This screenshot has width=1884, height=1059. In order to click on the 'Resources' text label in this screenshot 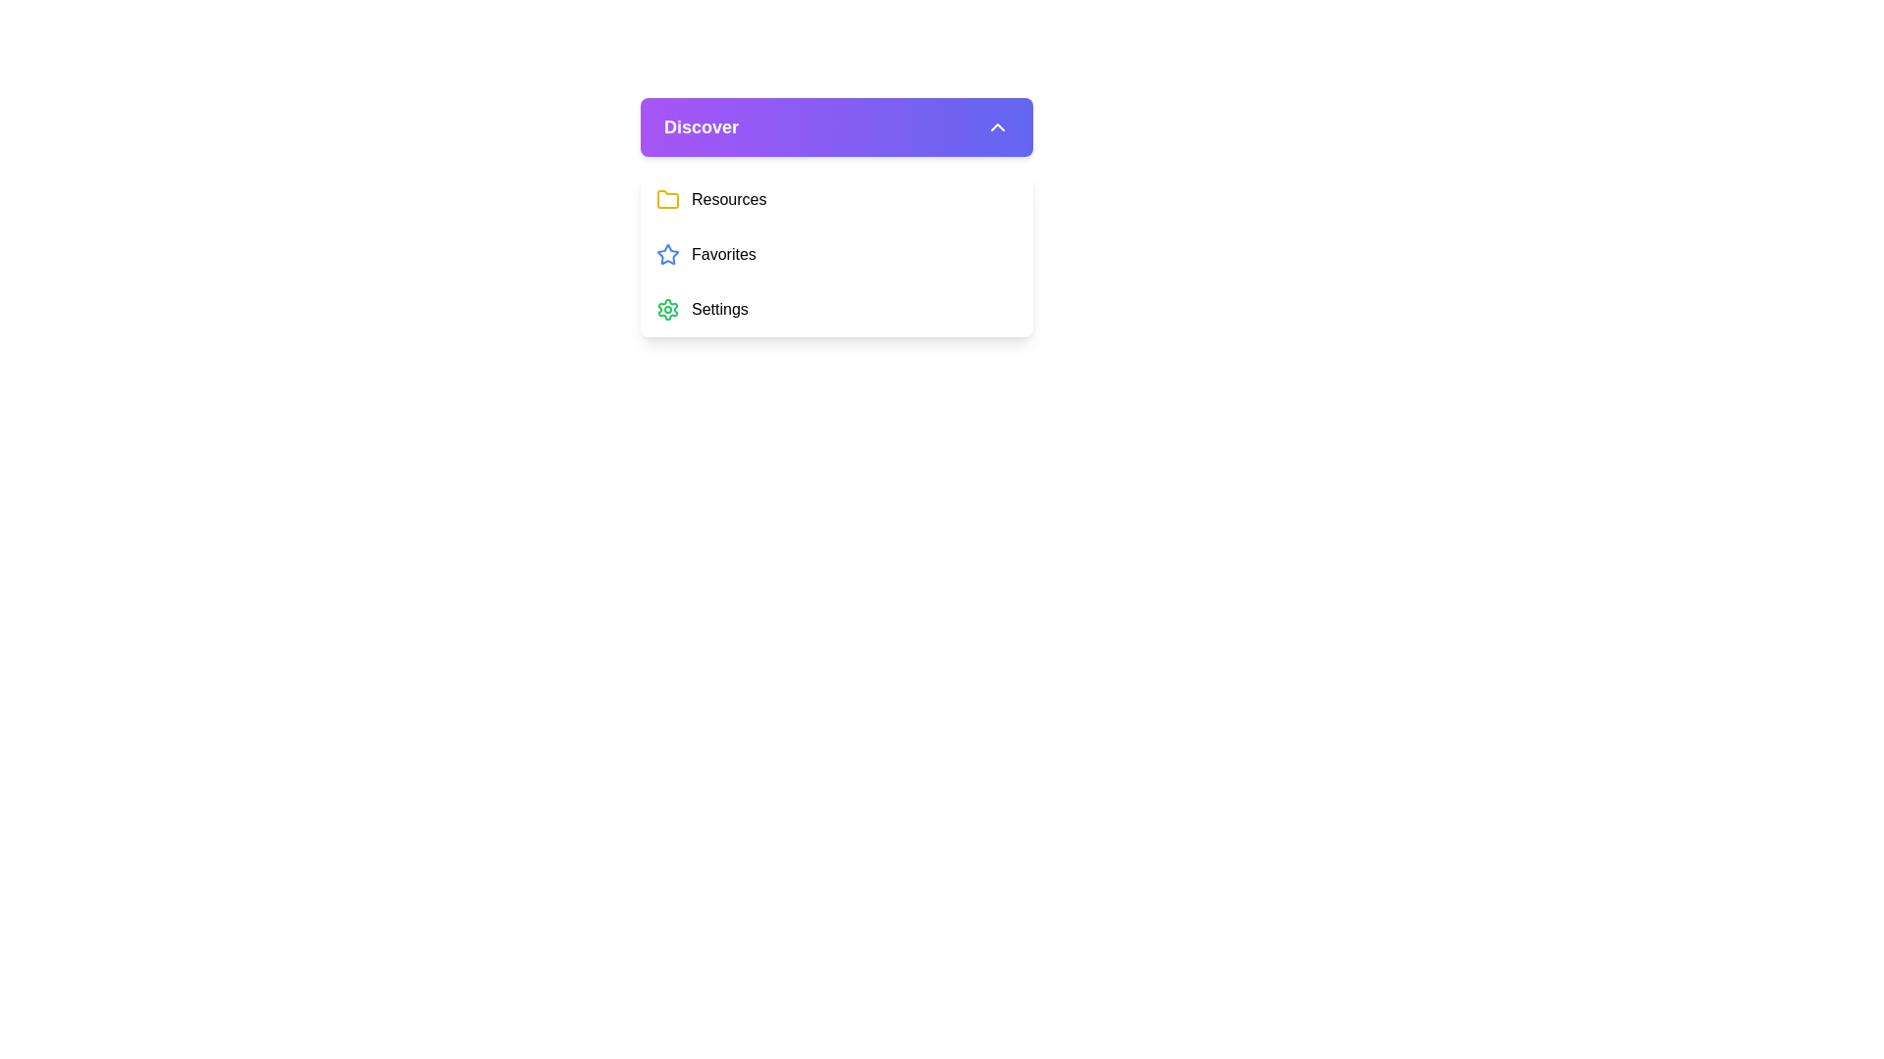, I will do `click(728, 200)`.